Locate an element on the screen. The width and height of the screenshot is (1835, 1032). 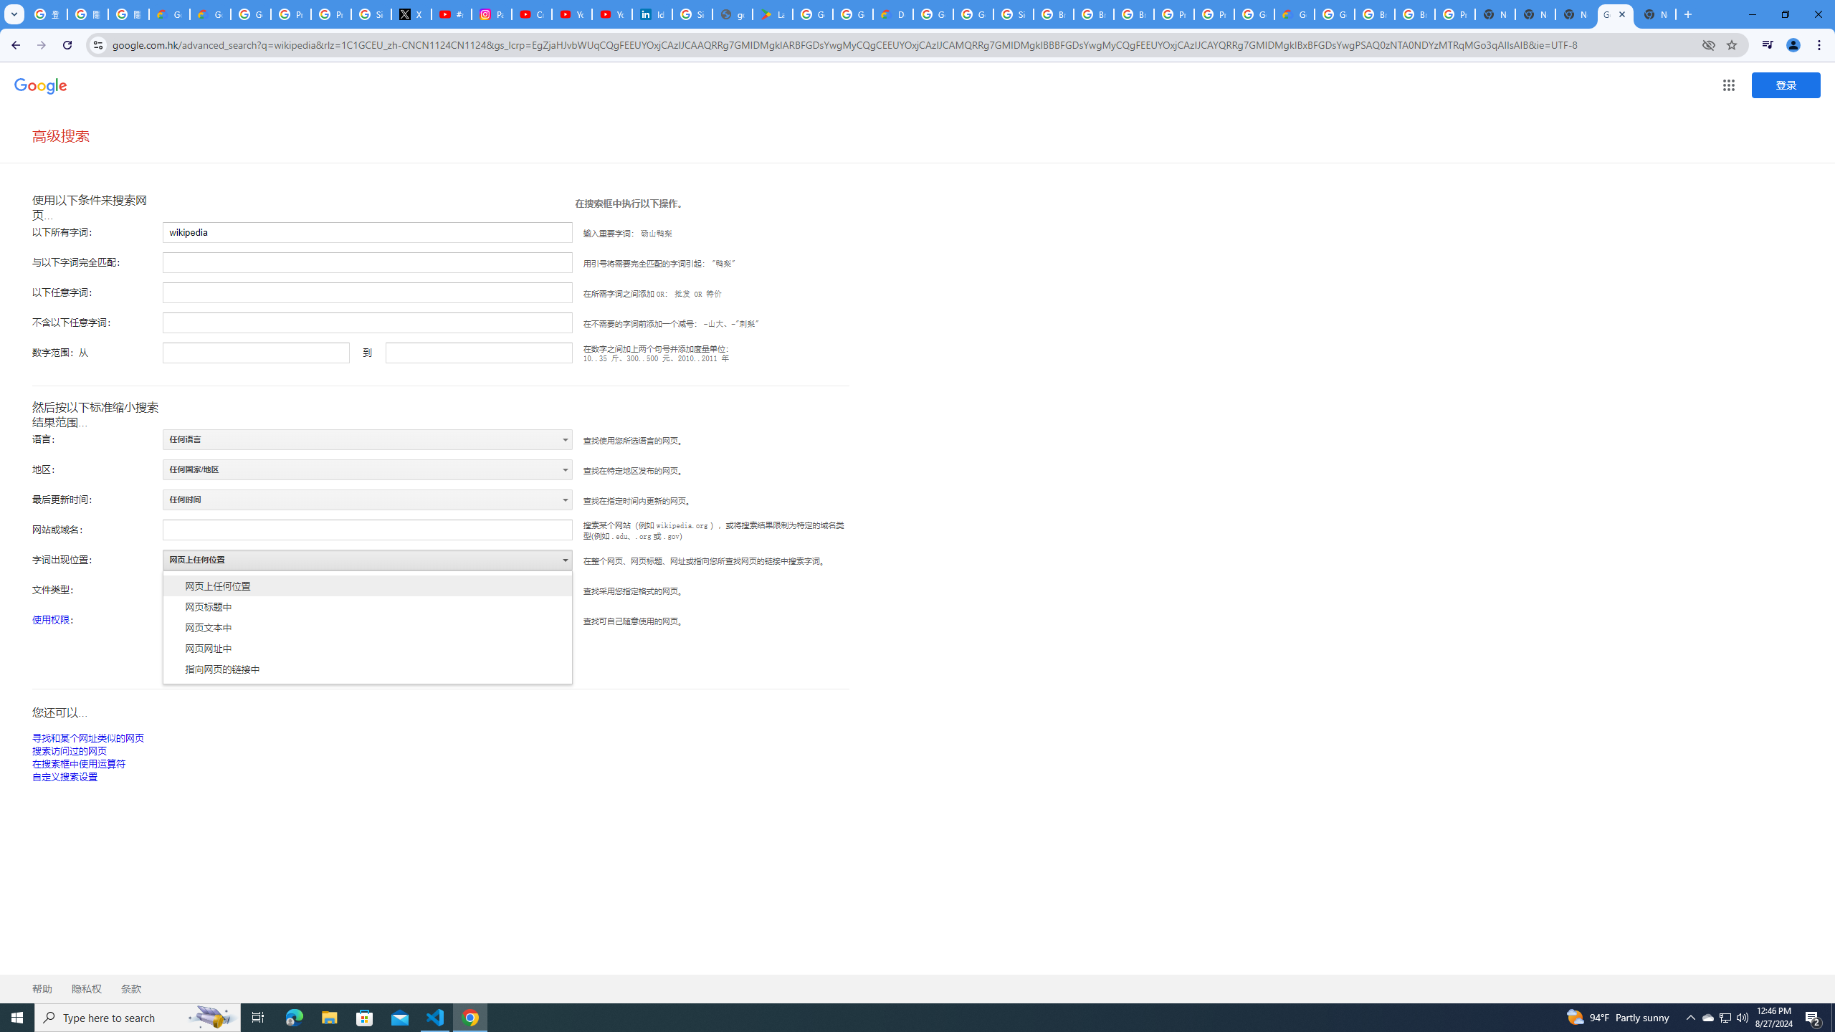
'Google Cloud Privacy Notice' is located at coordinates (210, 14).